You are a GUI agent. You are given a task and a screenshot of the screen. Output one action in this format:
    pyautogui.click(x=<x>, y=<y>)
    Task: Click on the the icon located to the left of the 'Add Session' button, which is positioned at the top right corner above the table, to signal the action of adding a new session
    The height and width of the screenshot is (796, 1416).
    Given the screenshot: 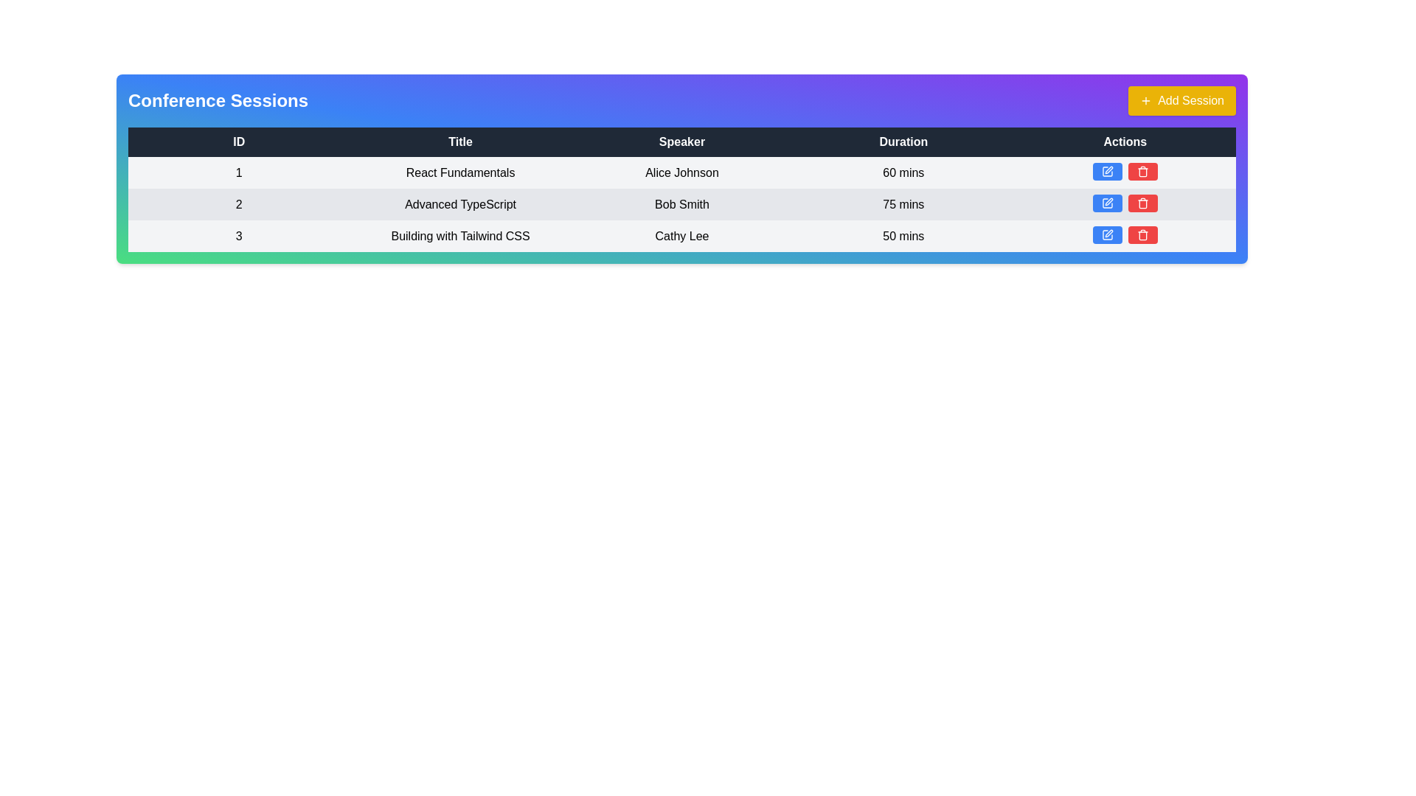 What is the action you would take?
    pyautogui.click(x=1145, y=100)
    